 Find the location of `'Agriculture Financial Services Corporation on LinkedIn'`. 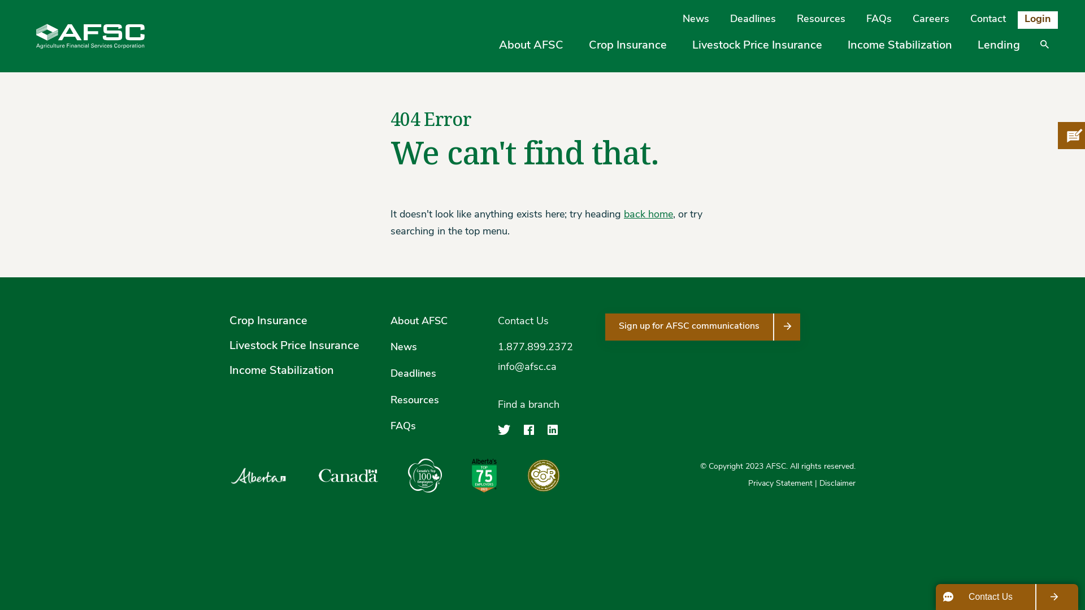

'Agriculture Financial Services Corporation on LinkedIn' is located at coordinates (553, 432).